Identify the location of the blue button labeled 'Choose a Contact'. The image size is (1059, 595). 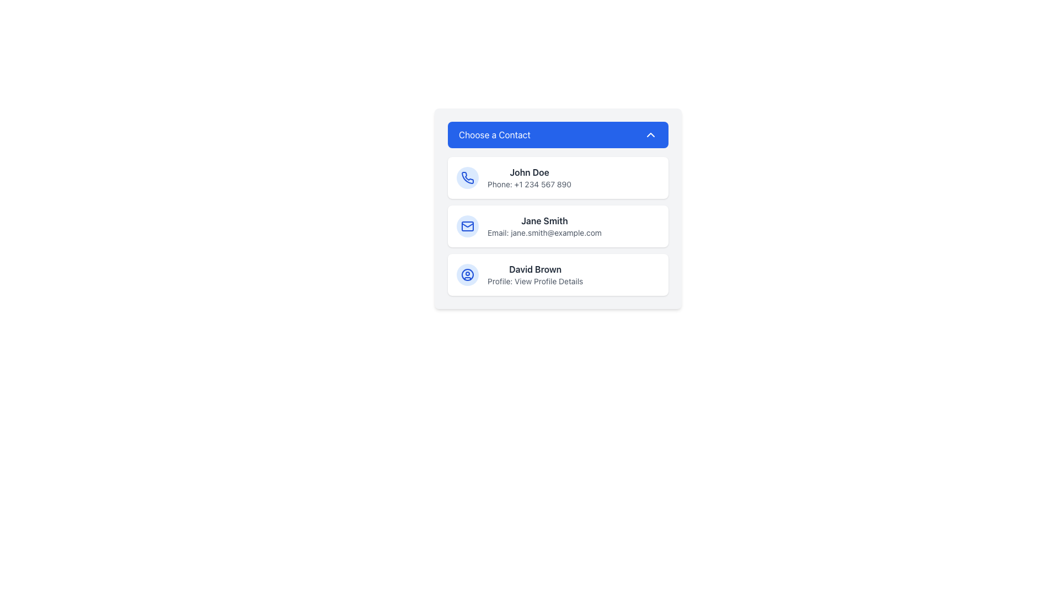
(558, 134).